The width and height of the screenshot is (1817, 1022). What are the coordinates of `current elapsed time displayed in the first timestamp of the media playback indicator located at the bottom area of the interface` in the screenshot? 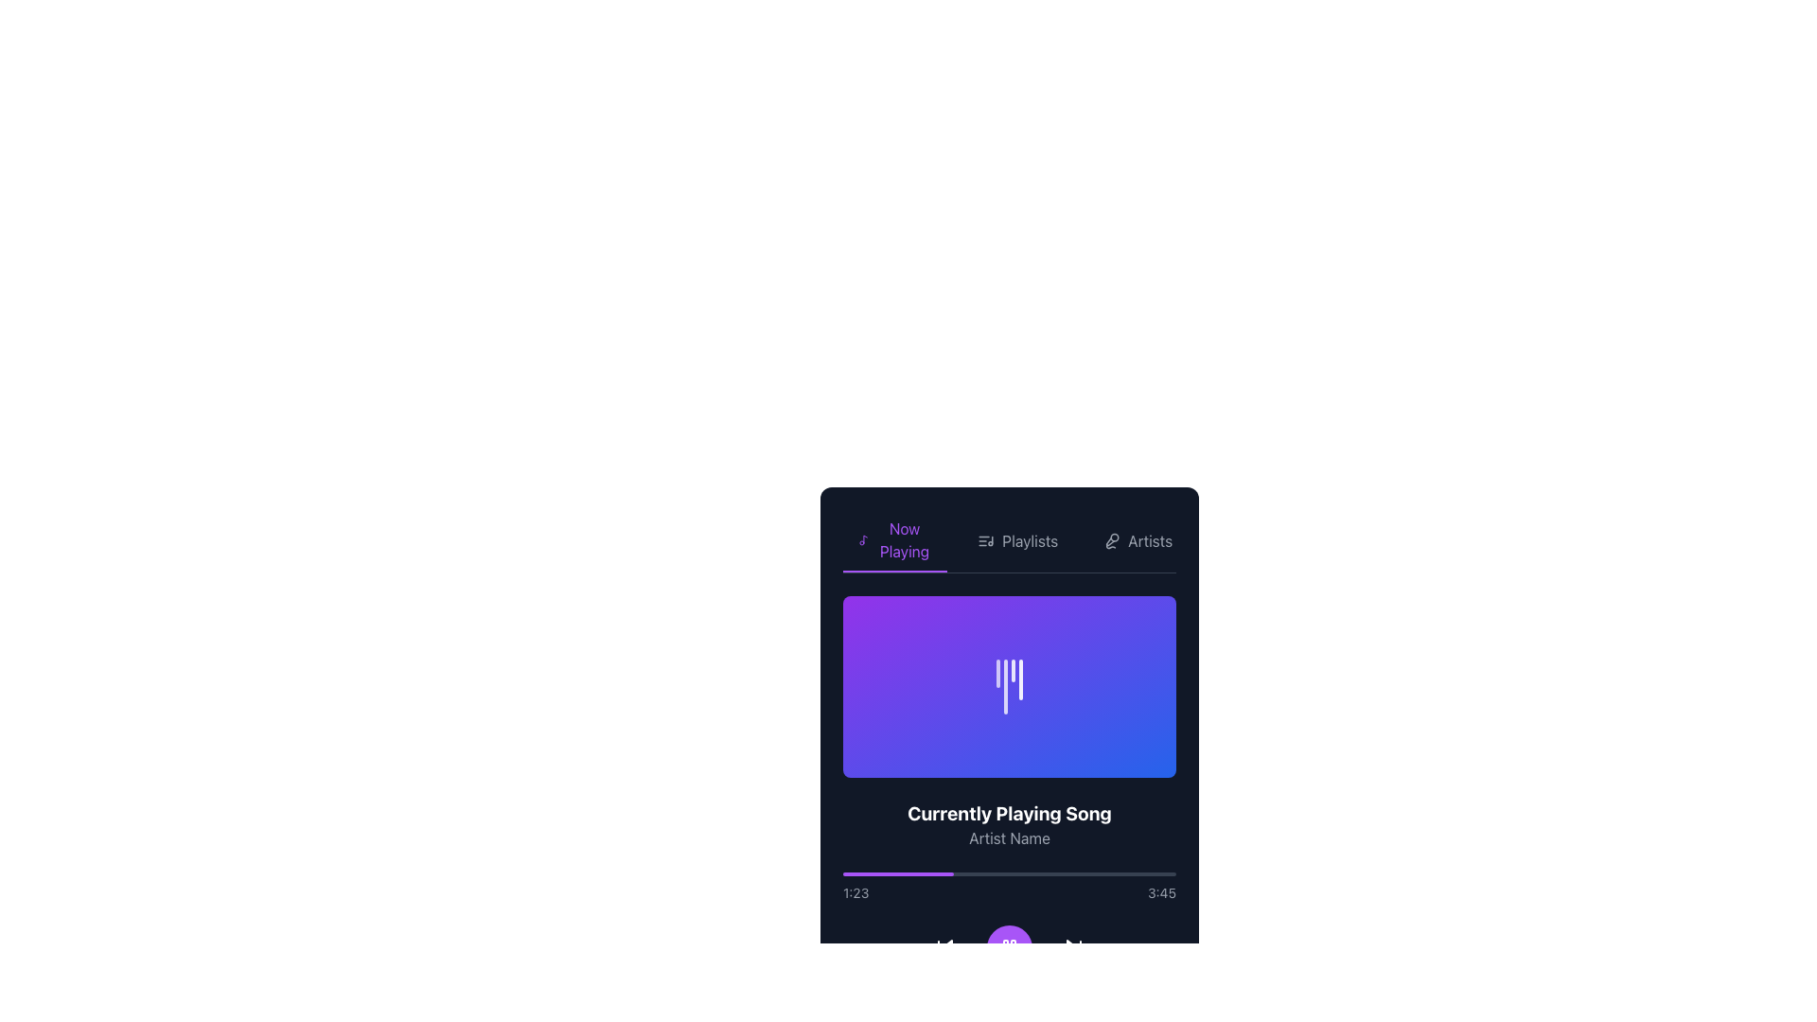 It's located at (855, 893).